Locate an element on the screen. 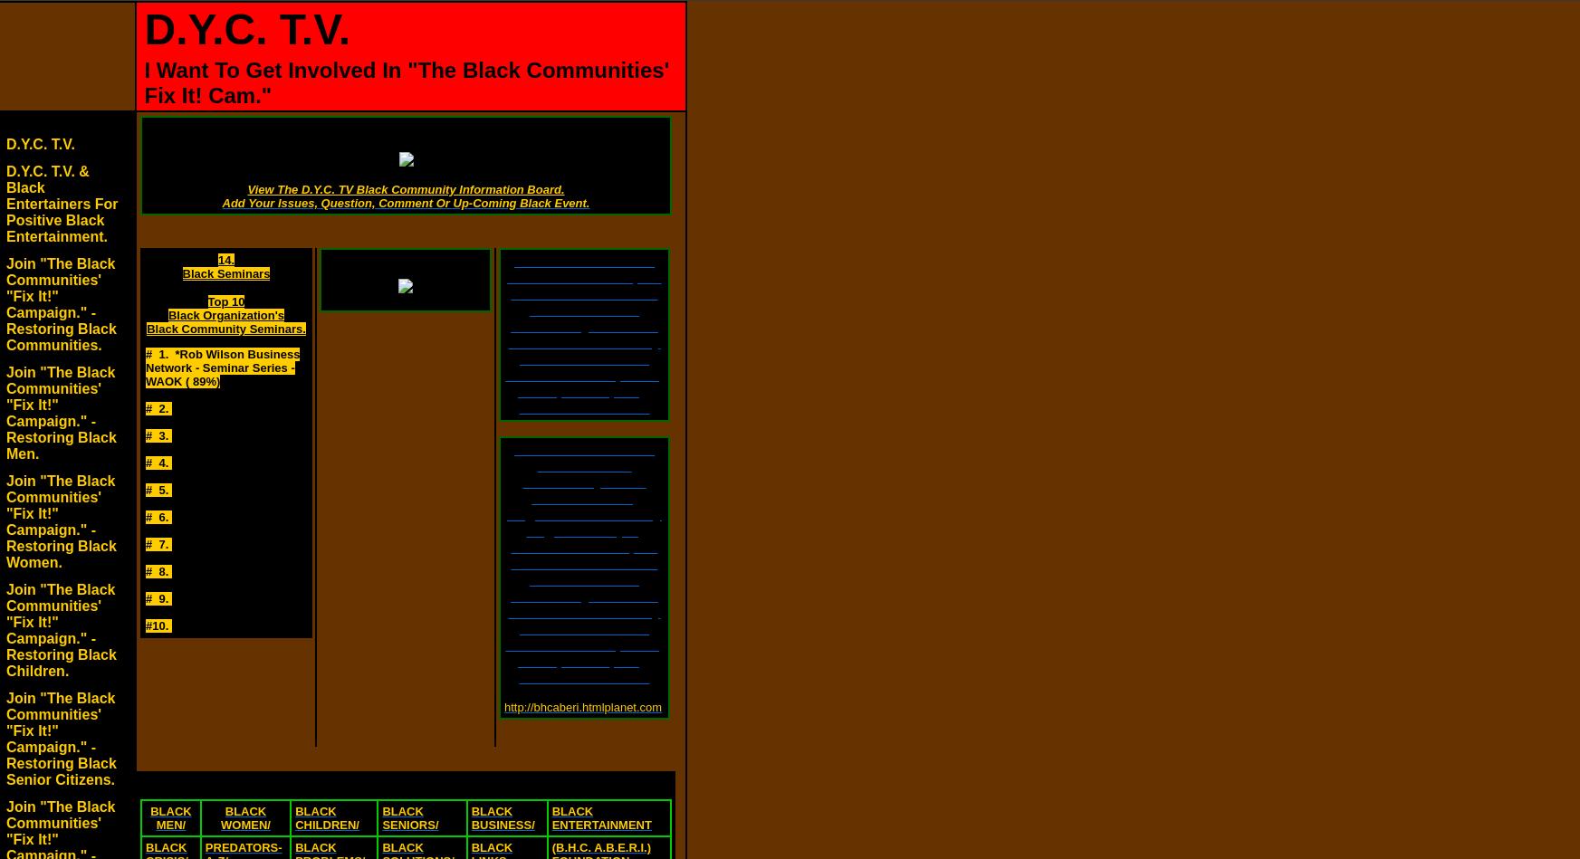 This screenshot has height=859, width=1580. 'Black Seminars' is located at coordinates (225, 272).